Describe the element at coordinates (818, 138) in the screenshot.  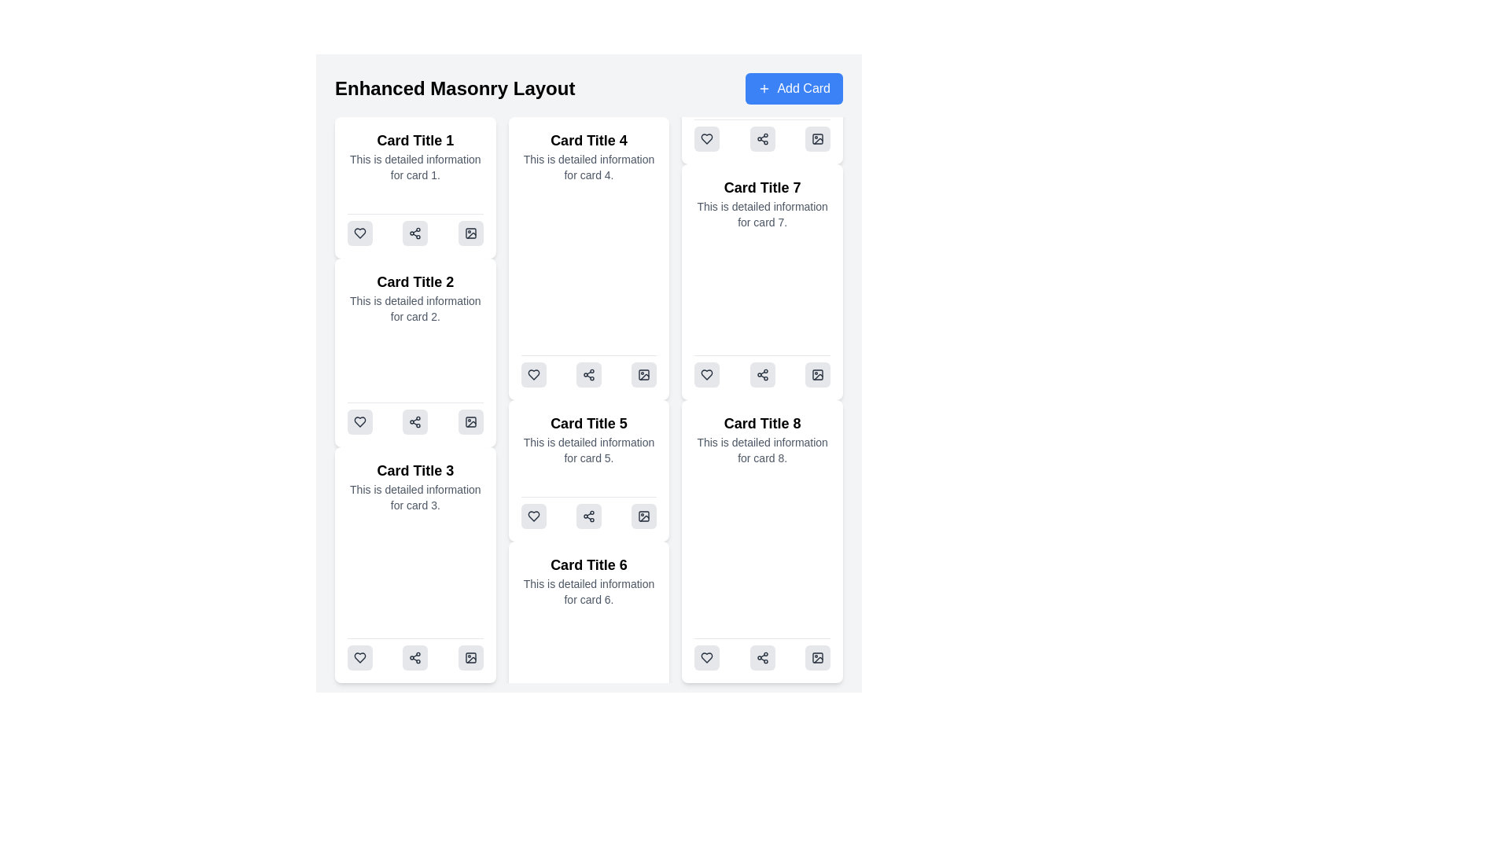
I see `the third button in the control panel of 'Card Title 7'` at that location.